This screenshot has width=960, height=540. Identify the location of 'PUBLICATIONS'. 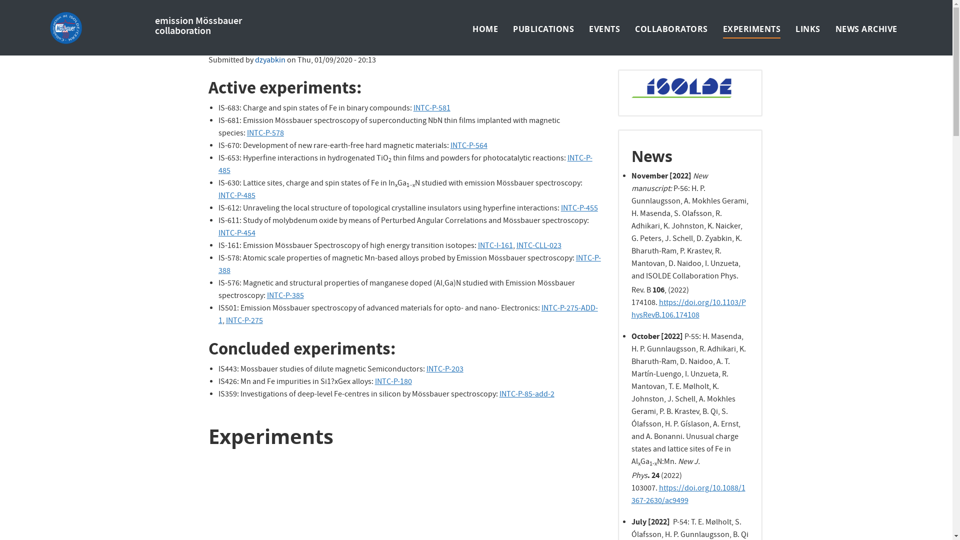
(542, 28).